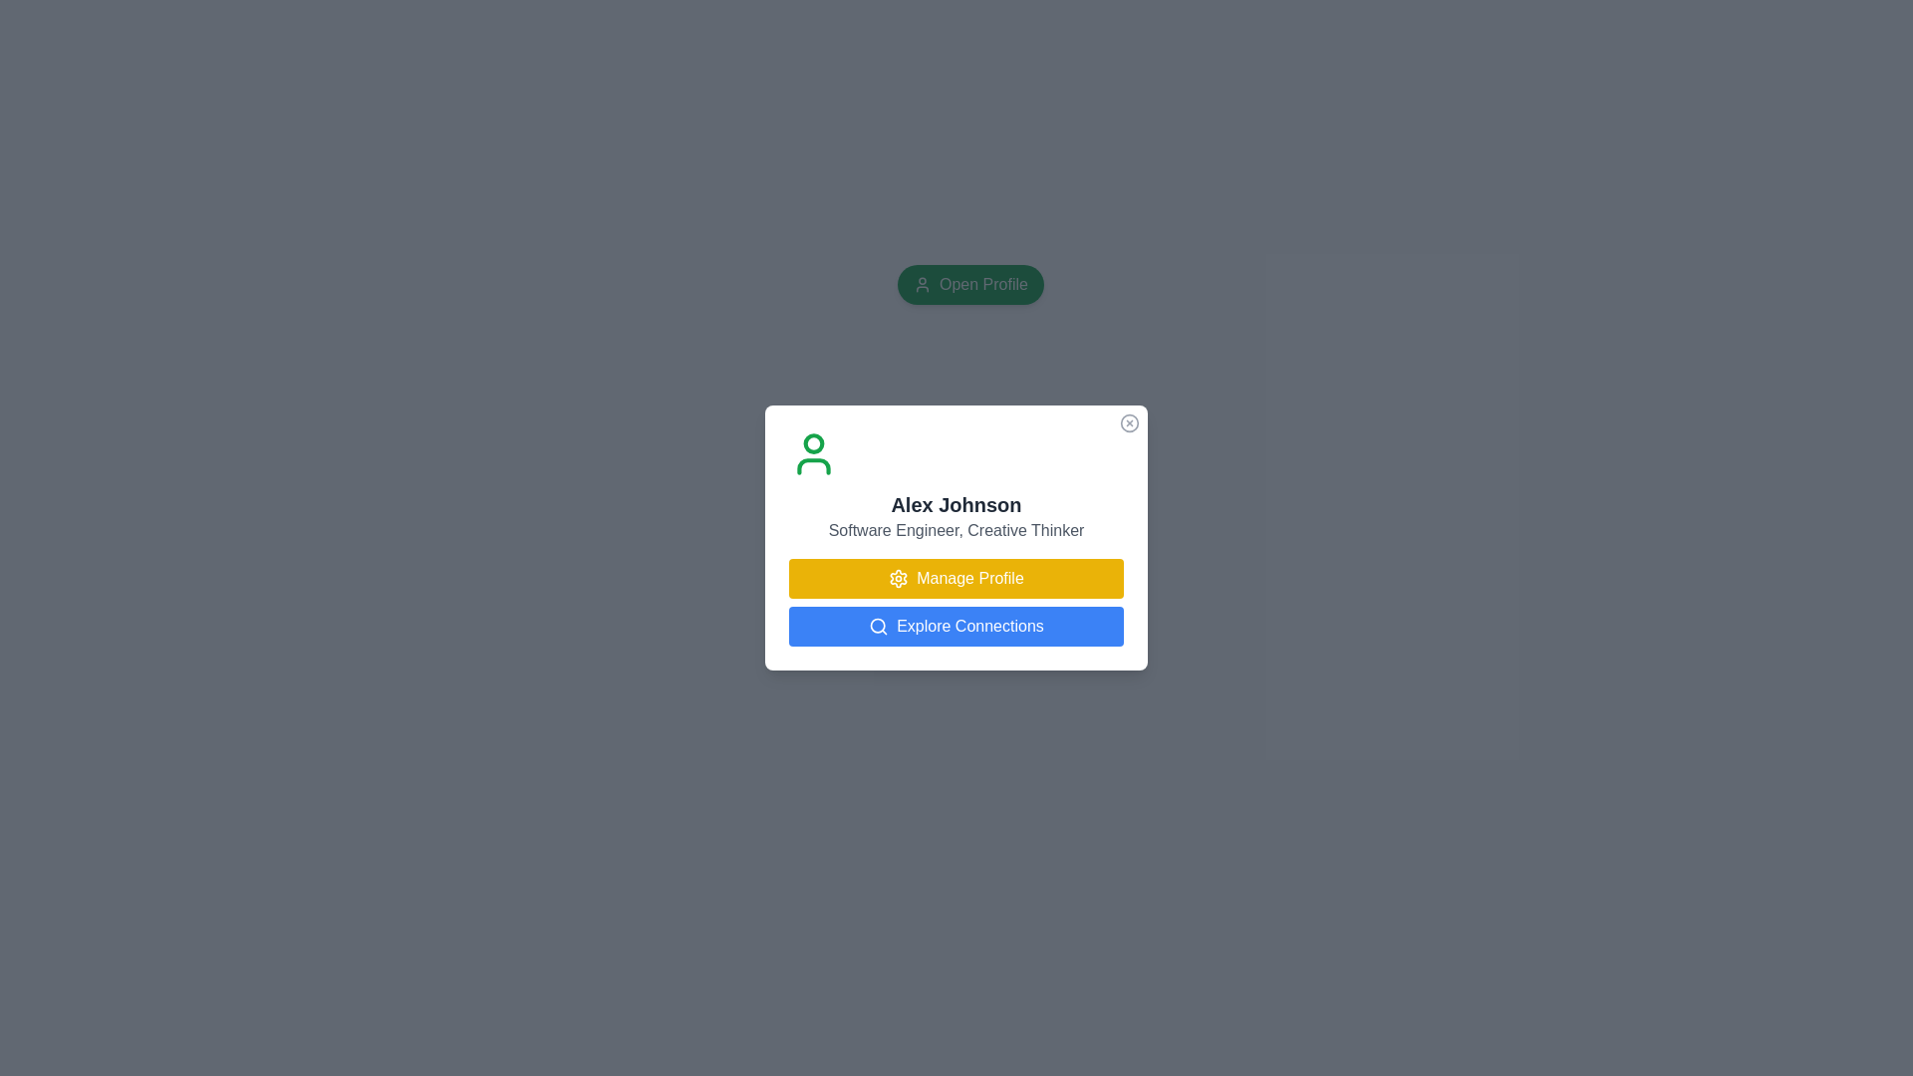  Describe the element at coordinates (970, 284) in the screenshot. I see `the green button labeled 'Open Profile' with a white user icon on the left side to initiate its functionality` at that location.